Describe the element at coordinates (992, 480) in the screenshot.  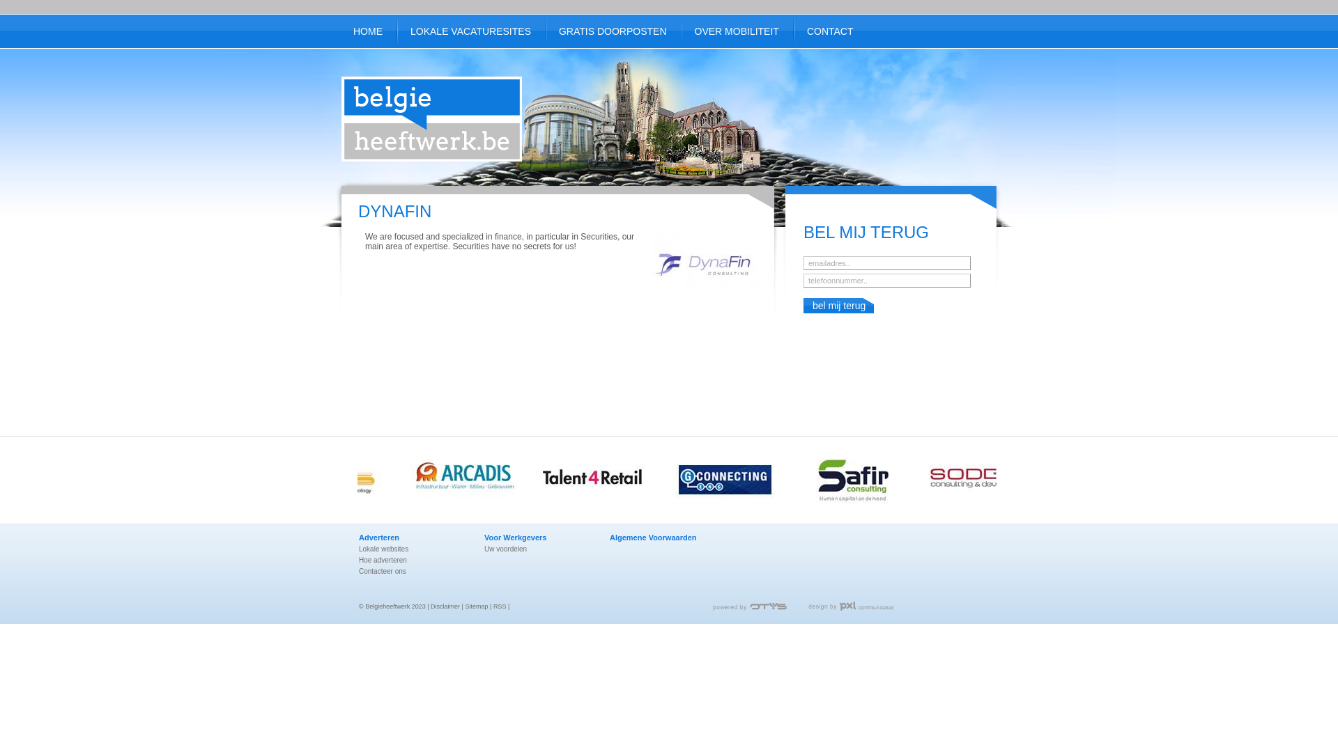
I see `'Sodeva Consulting & Development'` at that location.